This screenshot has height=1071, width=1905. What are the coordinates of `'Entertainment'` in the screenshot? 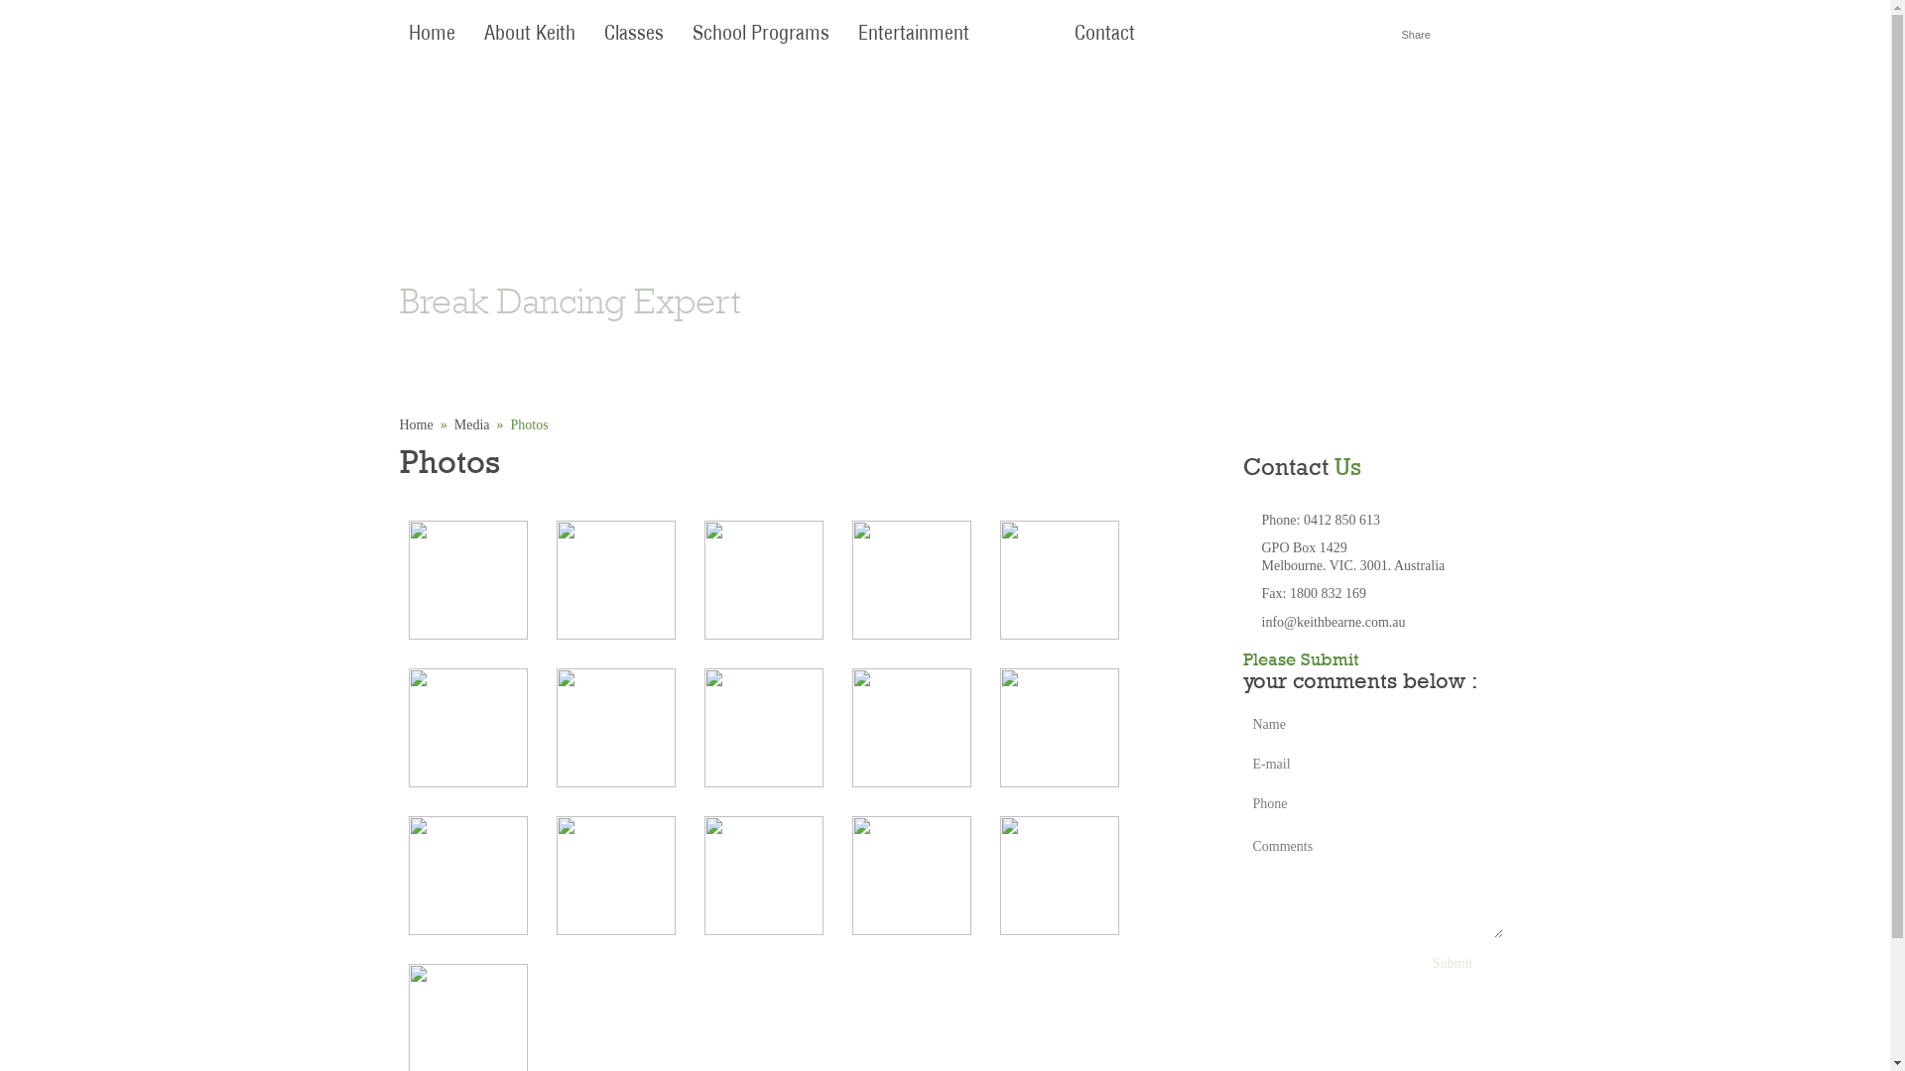 It's located at (913, 34).